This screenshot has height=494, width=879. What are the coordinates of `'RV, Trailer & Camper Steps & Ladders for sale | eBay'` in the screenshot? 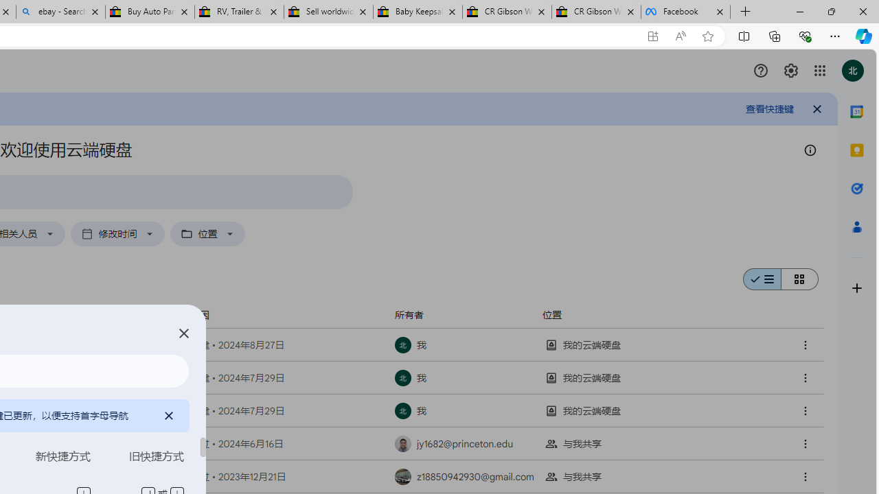 It's located at (239, 12).